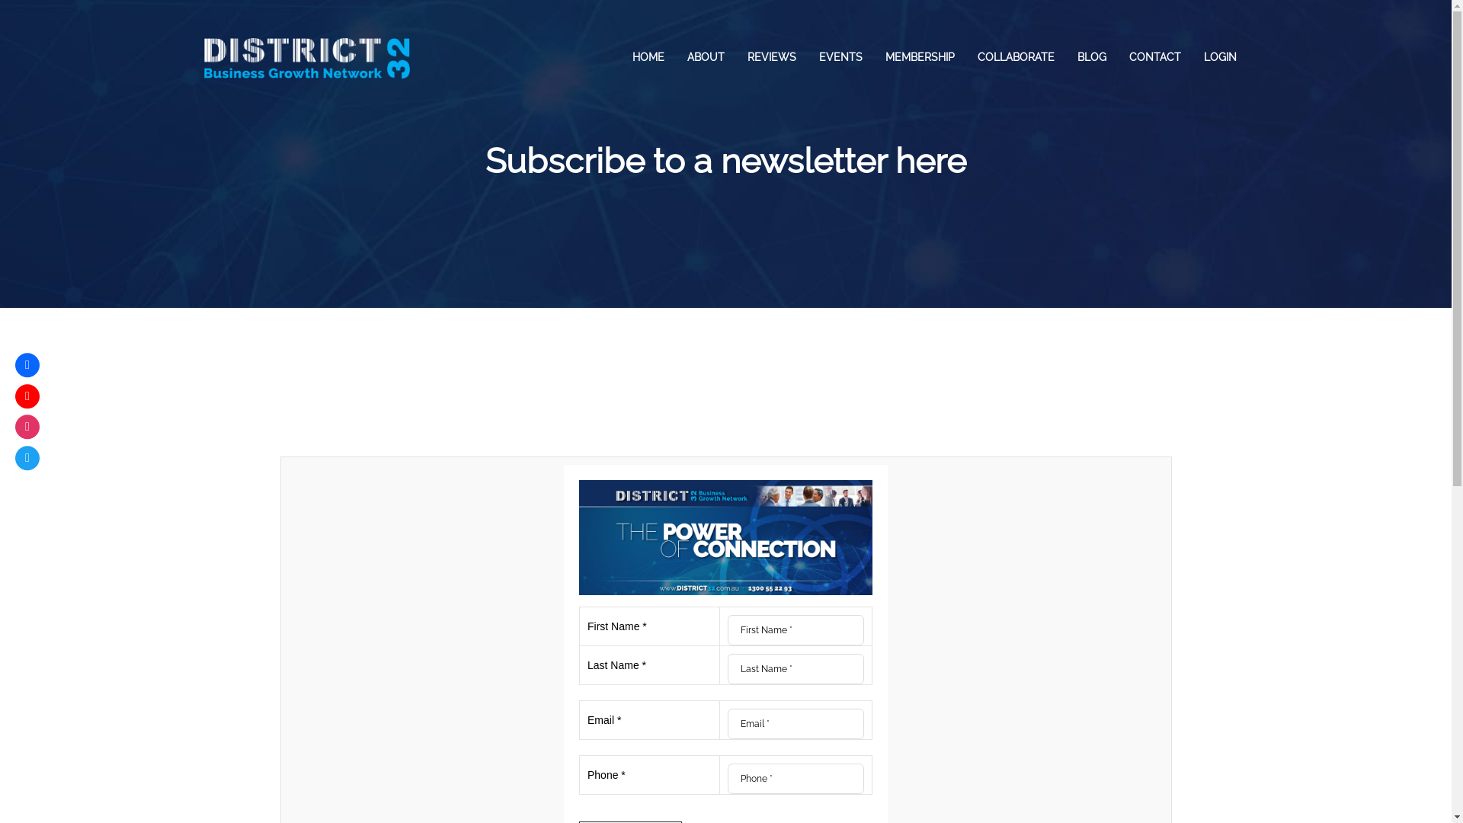 Image resolution: width=1463 pixels, height=823 pixels. Describe the element at coordinates (27, 395) in the screenshot. I see `'Youtube'` at that location.